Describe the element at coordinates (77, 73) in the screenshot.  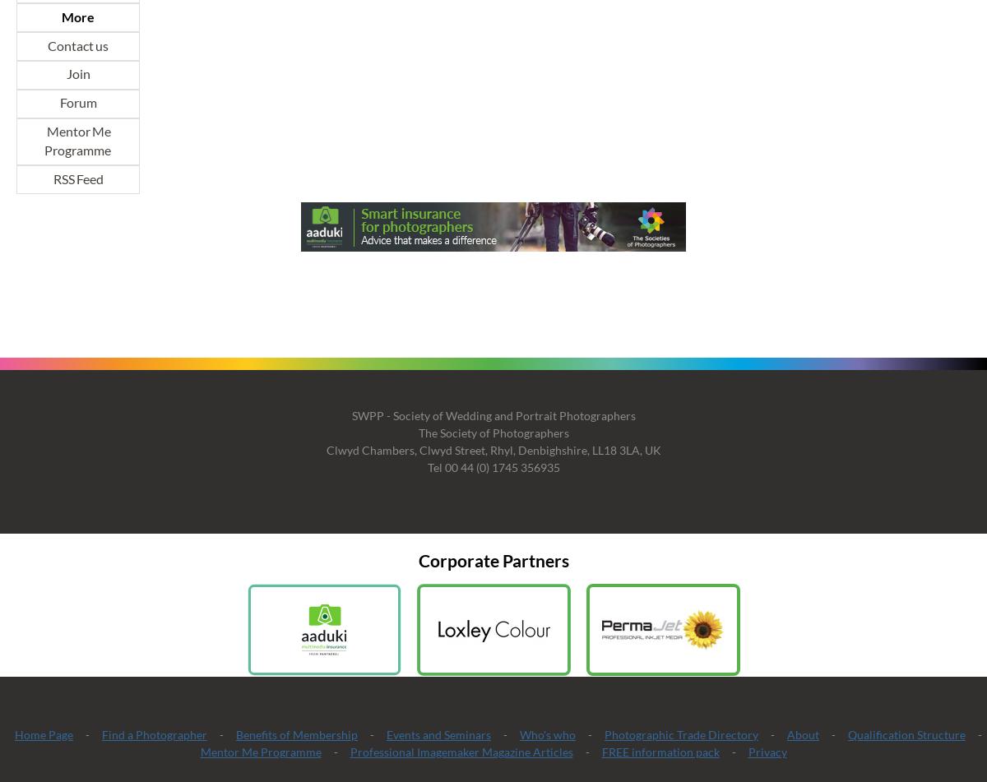
I see `'Join'` at that location.